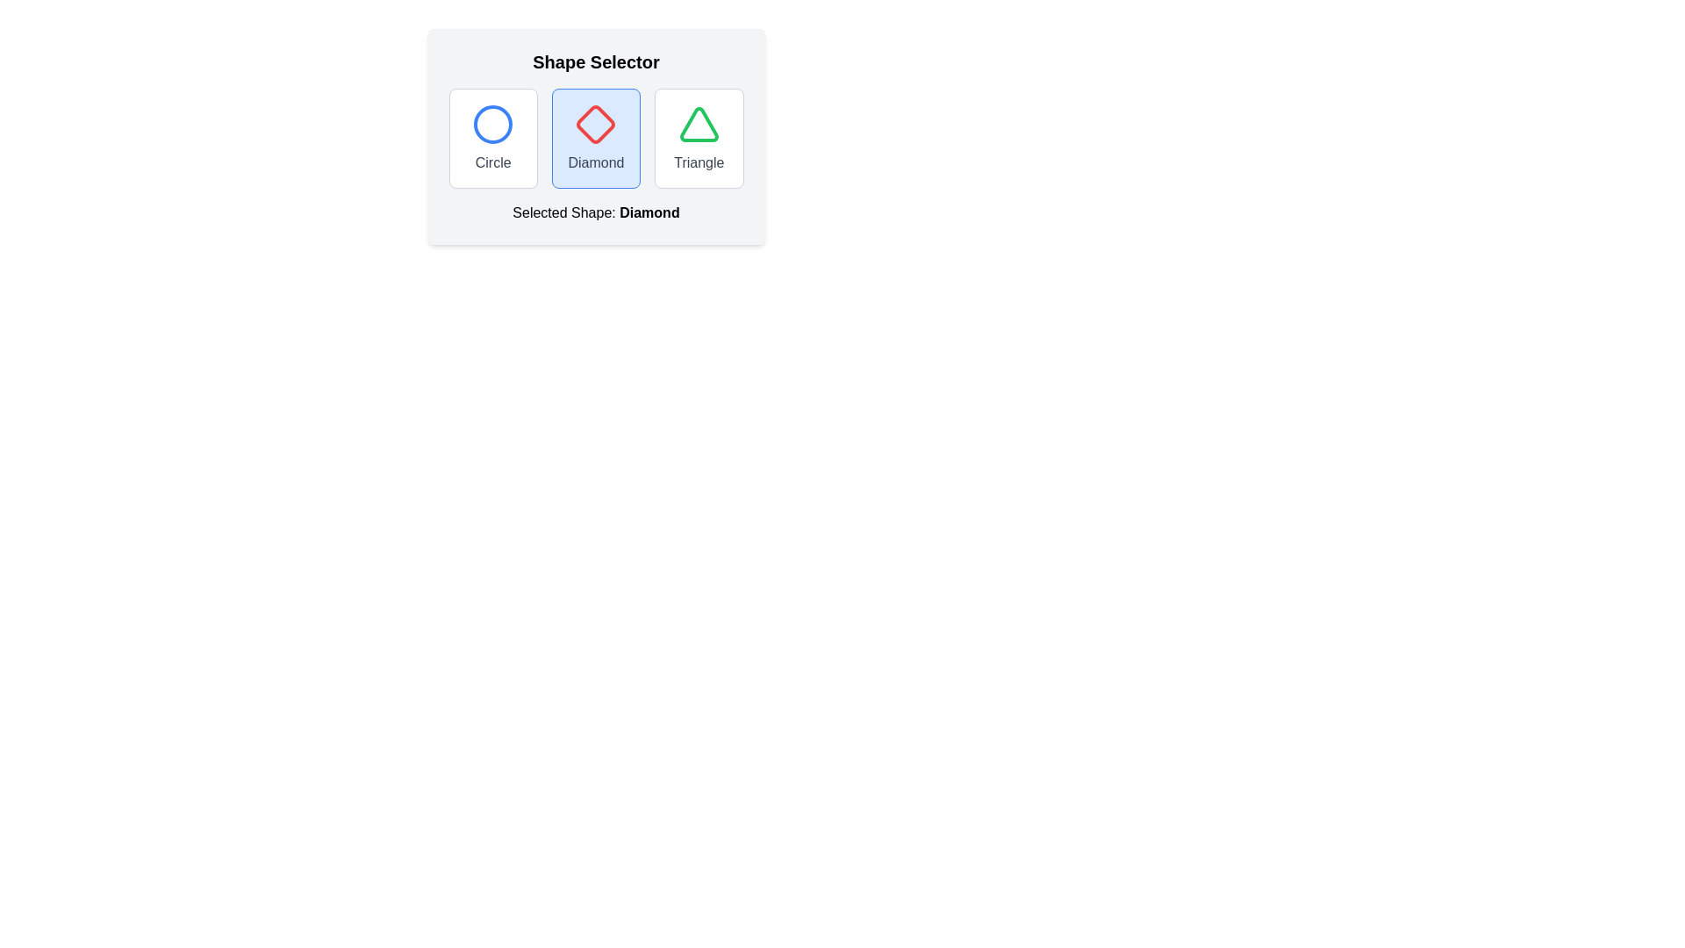  What do you see at coordinates (596, 61) in the screenshot?
I see `the Text Header at the top of the card interface that indicates the purpose of the shape selection` at bounding box center [596, 61].